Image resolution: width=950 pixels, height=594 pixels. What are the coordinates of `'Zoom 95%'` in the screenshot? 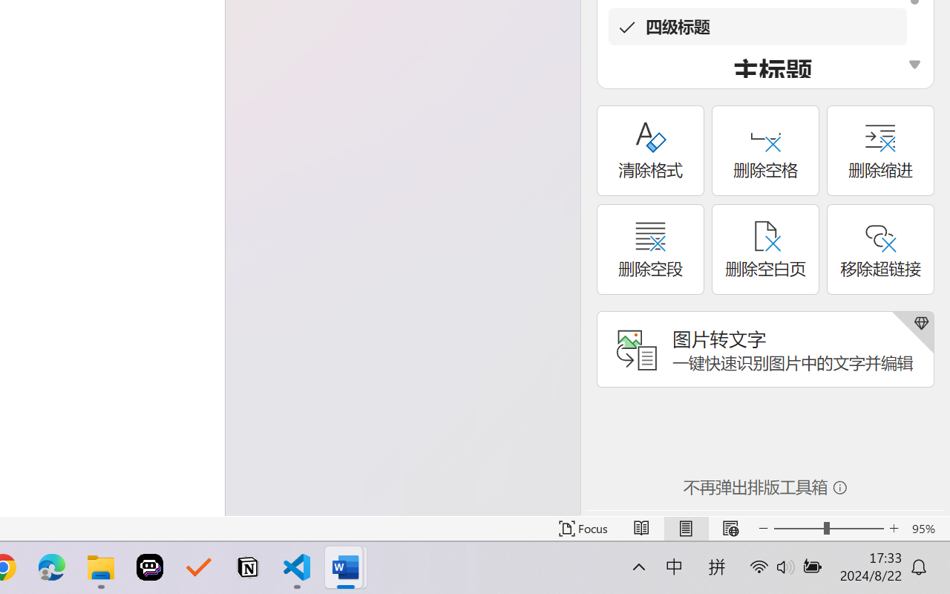 It's located at (926, 528).